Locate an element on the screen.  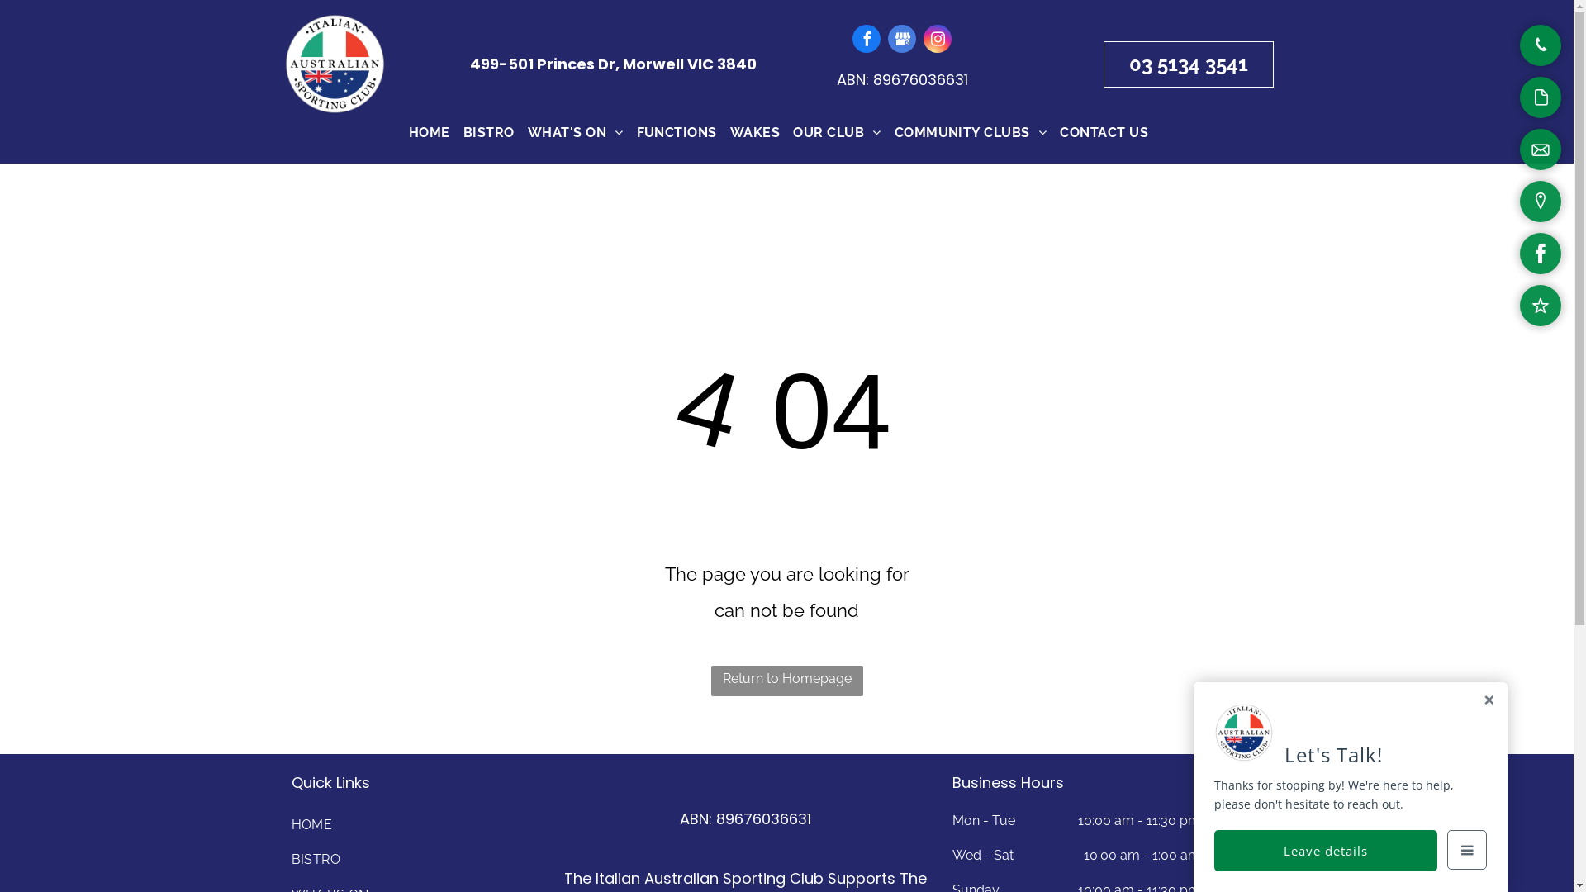
'COMMUNITY CLUBS' is located at coordinates (971, 132).